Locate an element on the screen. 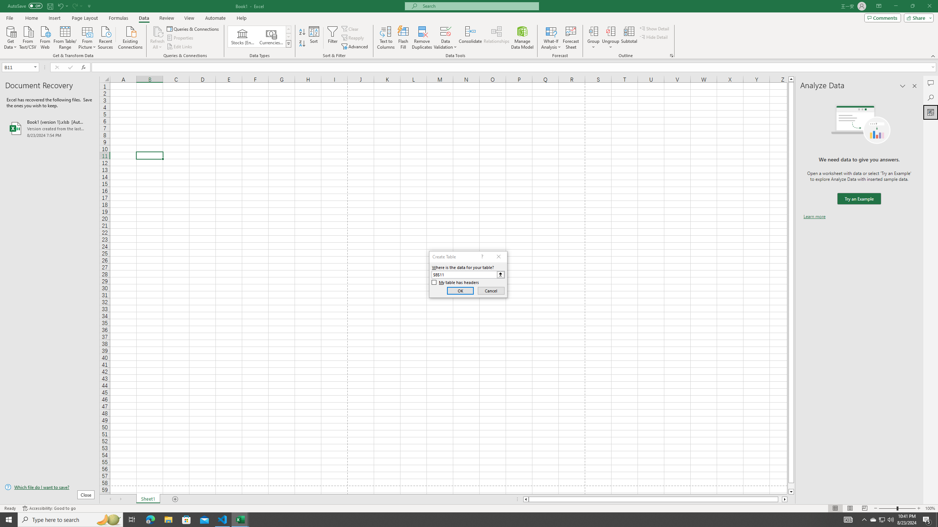 This screenshot has width=938, height=527. 'Learn more' is located at coordinates (814, 216).